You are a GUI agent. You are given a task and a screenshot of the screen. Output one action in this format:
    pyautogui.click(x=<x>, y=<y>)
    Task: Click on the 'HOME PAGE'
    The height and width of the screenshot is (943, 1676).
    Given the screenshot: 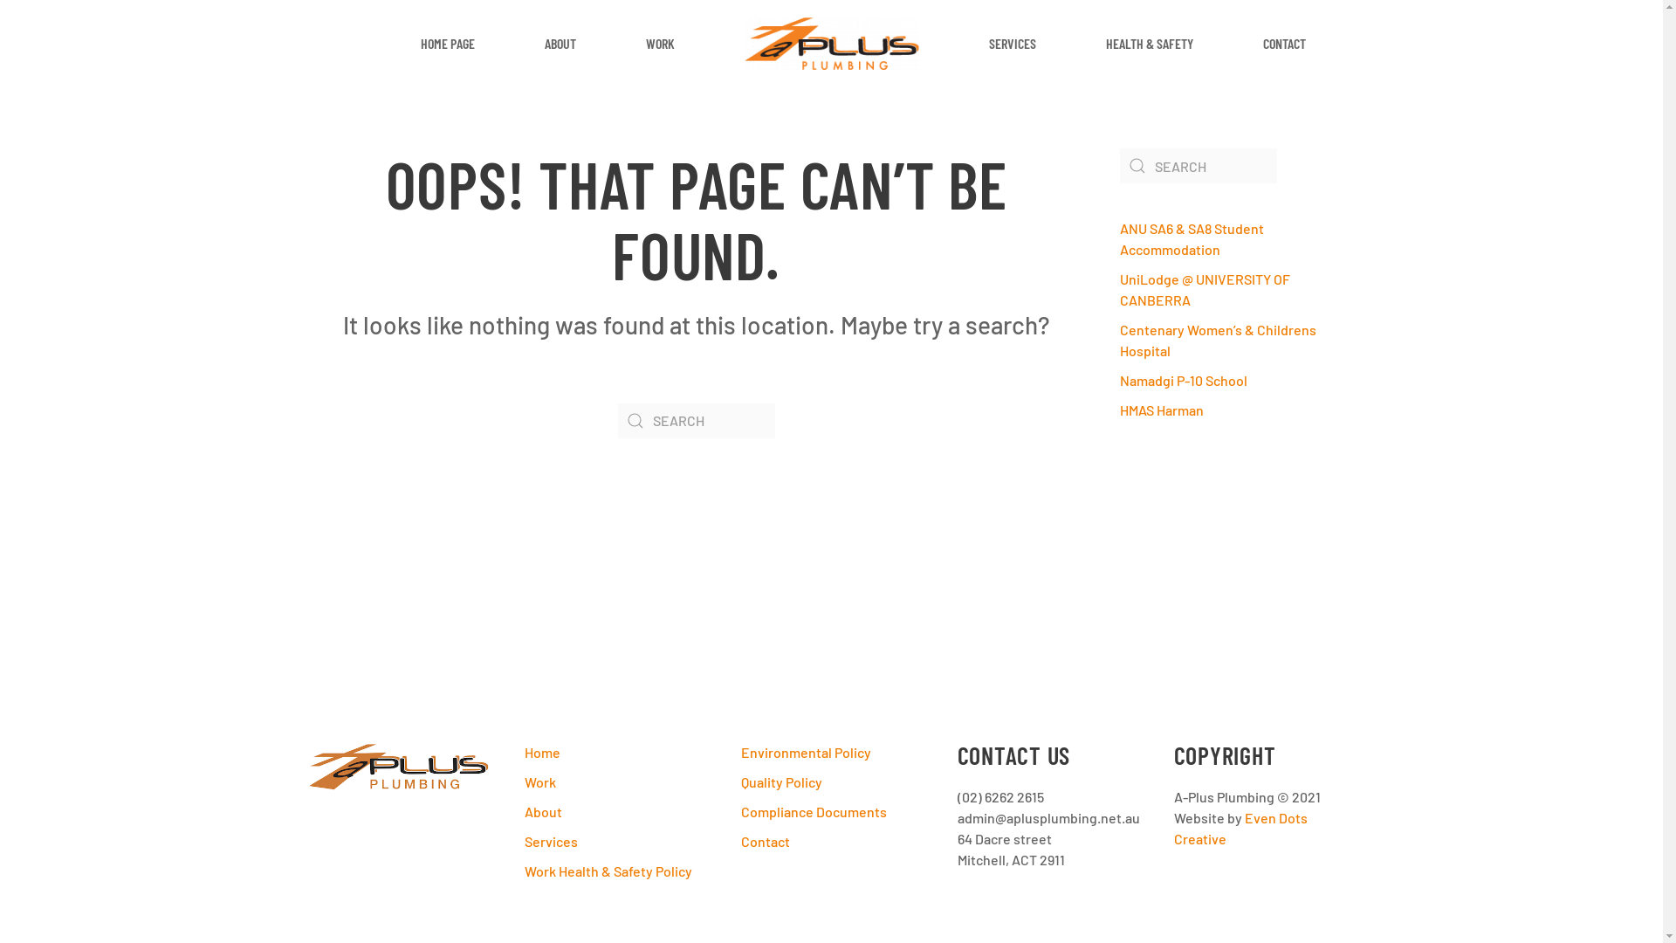 What is the action you would take?
    pyautogui.click(x=448, y=43)
    